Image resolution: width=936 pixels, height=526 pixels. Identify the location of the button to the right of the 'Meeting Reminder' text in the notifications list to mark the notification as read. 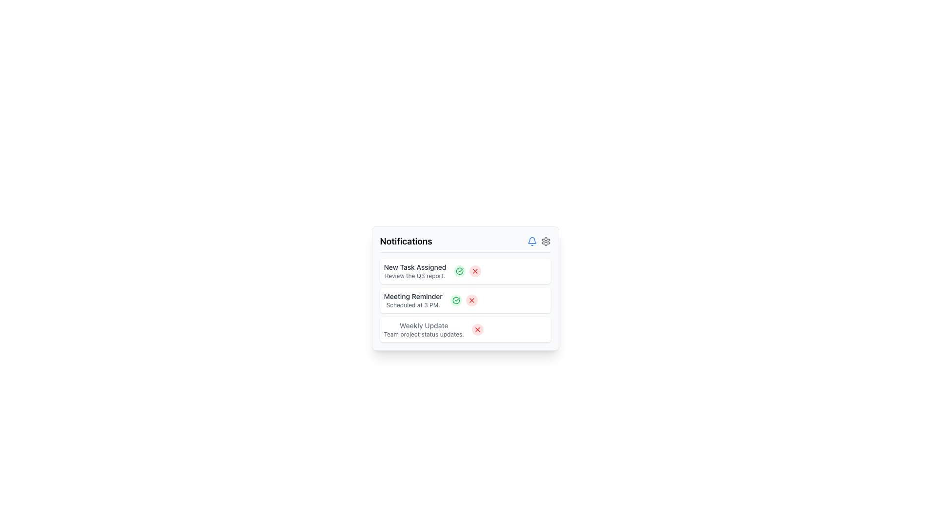
(455, 300).